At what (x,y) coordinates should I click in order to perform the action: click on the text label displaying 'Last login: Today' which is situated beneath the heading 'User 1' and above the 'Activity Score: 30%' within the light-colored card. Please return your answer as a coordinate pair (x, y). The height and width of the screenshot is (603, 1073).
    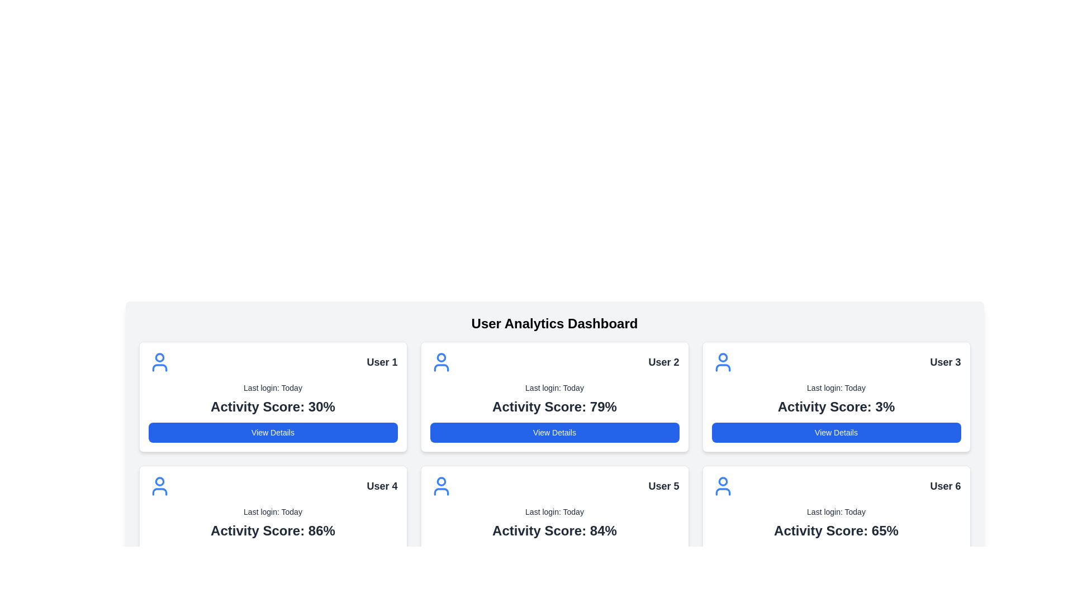
    Looking at the image, I should click on (273, 387).